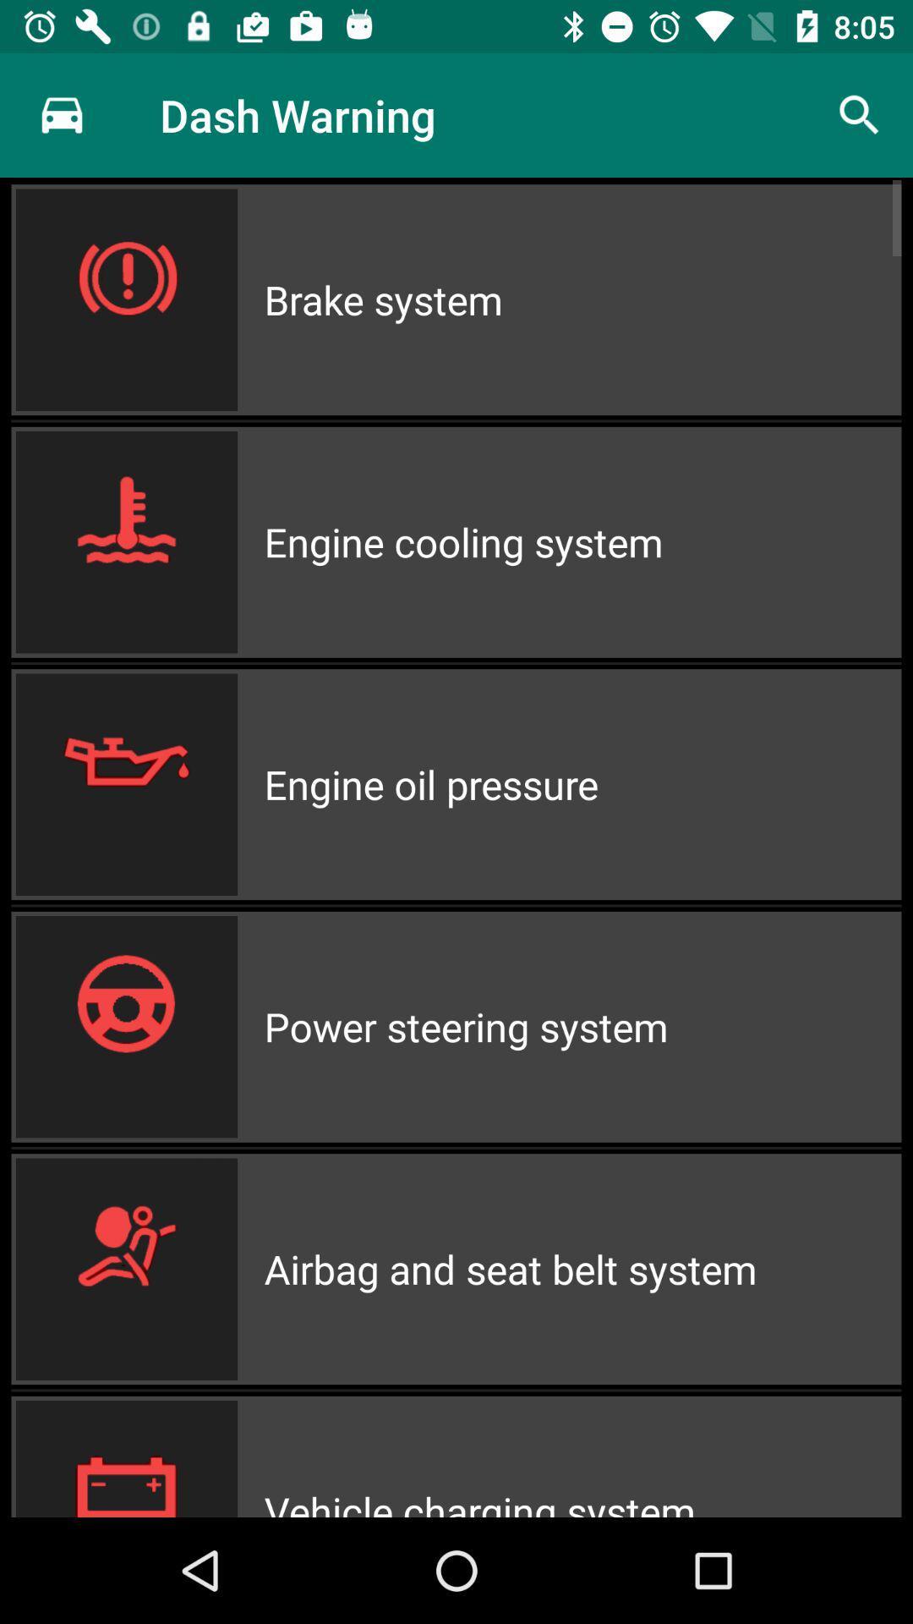 The height and width of the screenshot is (1624, 913). I want to click on the icon below the engine cooling system, so click(582, 783).